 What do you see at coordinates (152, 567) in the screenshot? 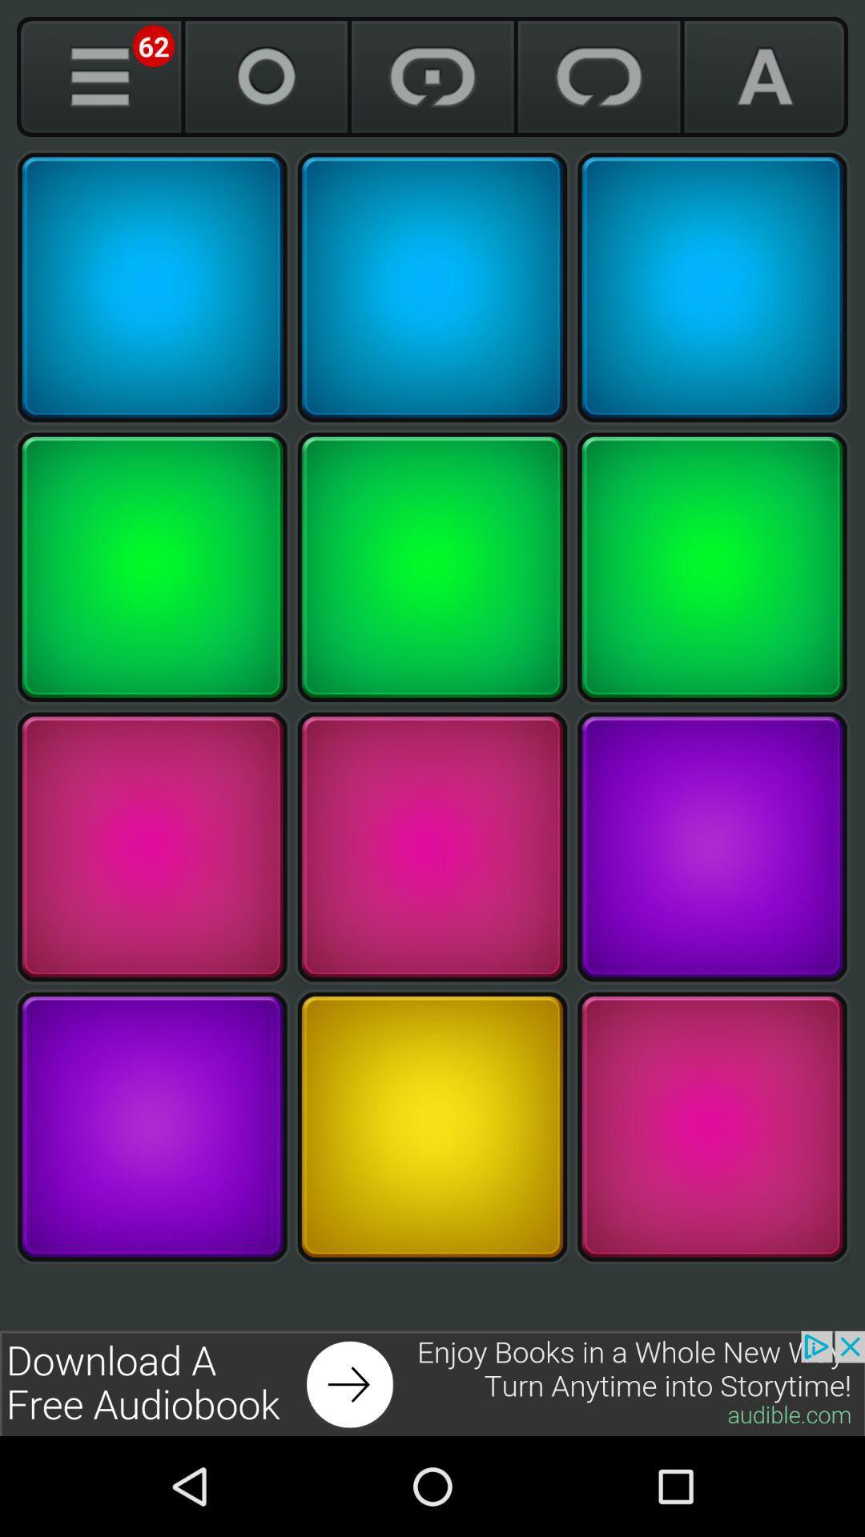
I see `box in second row of first column` at bounding box center [152, 567].